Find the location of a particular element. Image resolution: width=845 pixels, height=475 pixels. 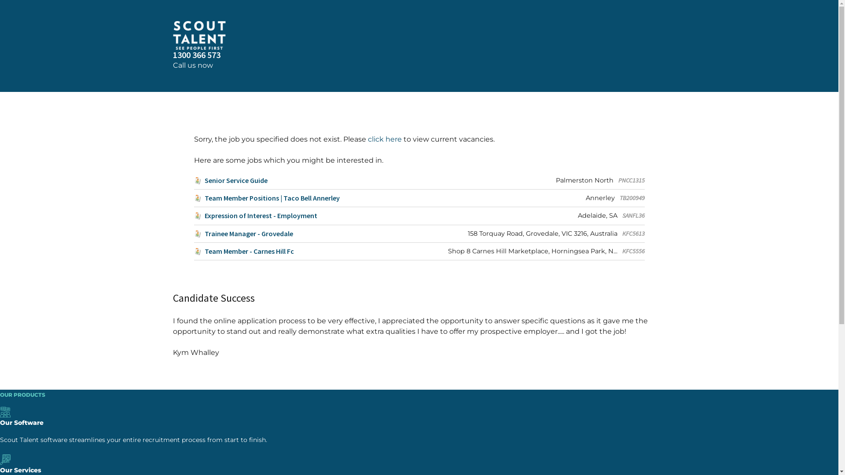

'Team Member Positions | Taco Bell Annerley' is located at coordinates (266, 198).